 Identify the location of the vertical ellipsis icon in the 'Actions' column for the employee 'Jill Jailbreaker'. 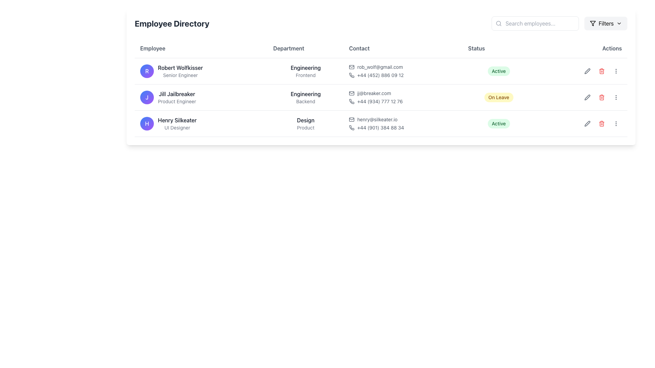
(616, 97).